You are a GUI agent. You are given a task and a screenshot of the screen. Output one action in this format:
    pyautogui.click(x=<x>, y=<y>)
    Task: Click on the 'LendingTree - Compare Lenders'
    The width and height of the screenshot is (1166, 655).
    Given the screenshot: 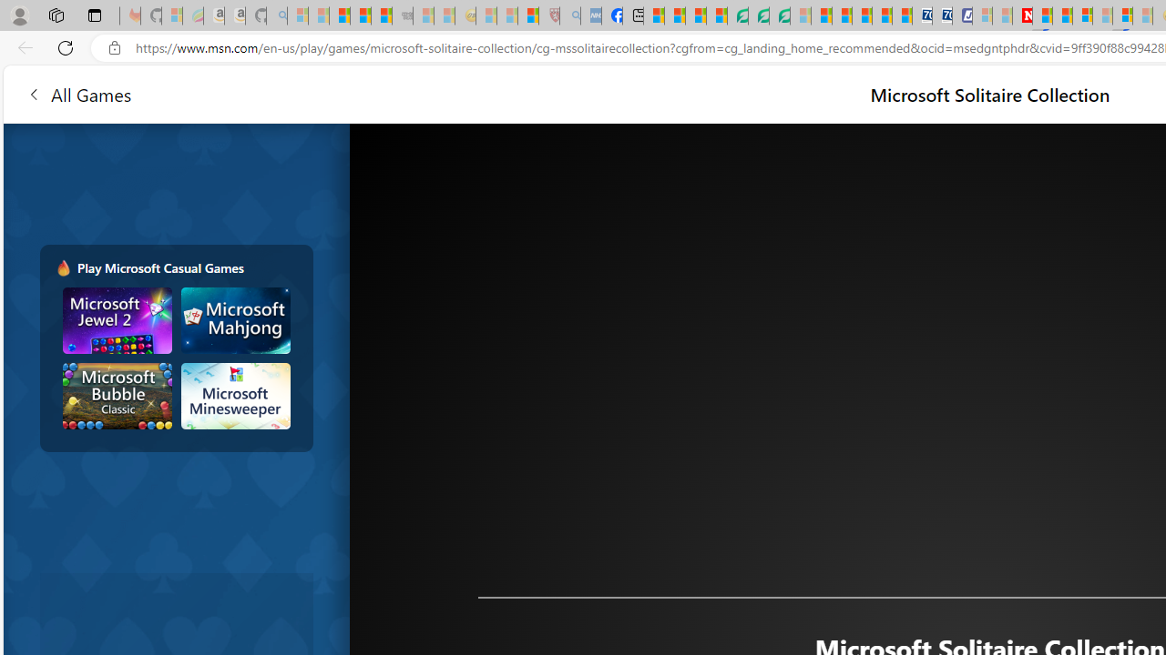 What is the action you would take?
    pyautogui.click(x=737, y=15)
    